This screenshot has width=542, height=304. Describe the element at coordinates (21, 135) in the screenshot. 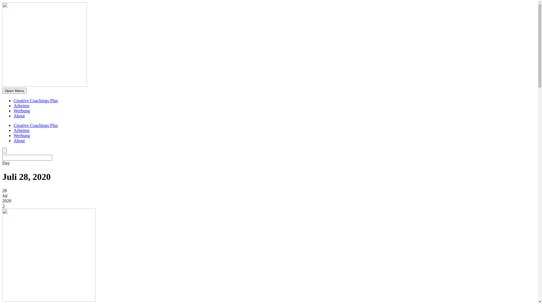

I see `'Werbung'` at that location.